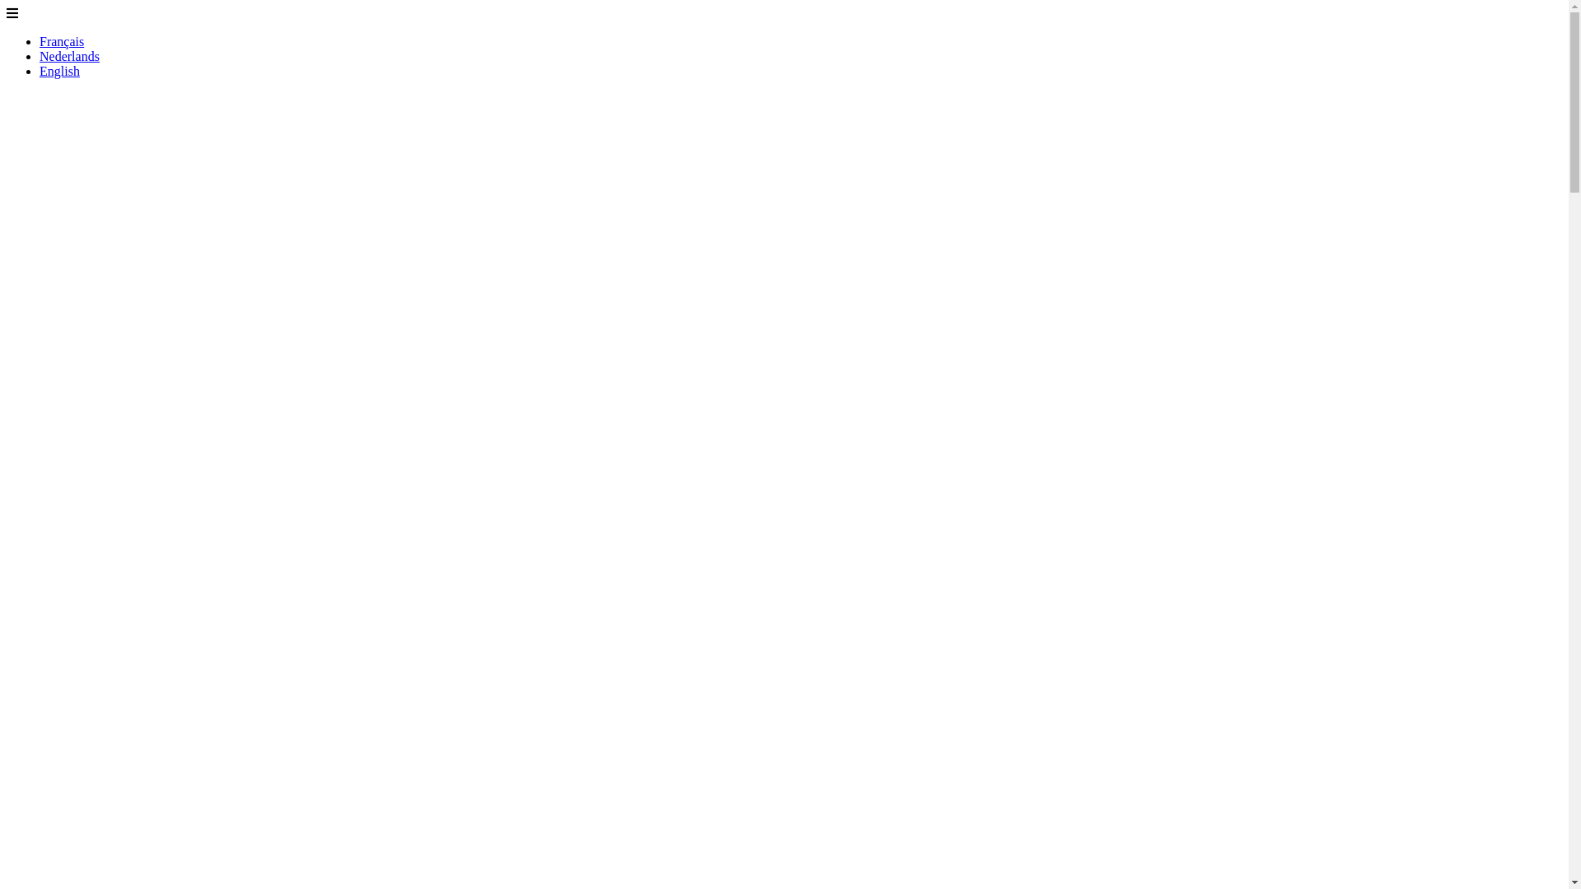 This screenshot has height=889, width=1581. What do you see at coordinates (59, 70) in the screenshot?
I see `'English'` at bounding box center [59, 70].